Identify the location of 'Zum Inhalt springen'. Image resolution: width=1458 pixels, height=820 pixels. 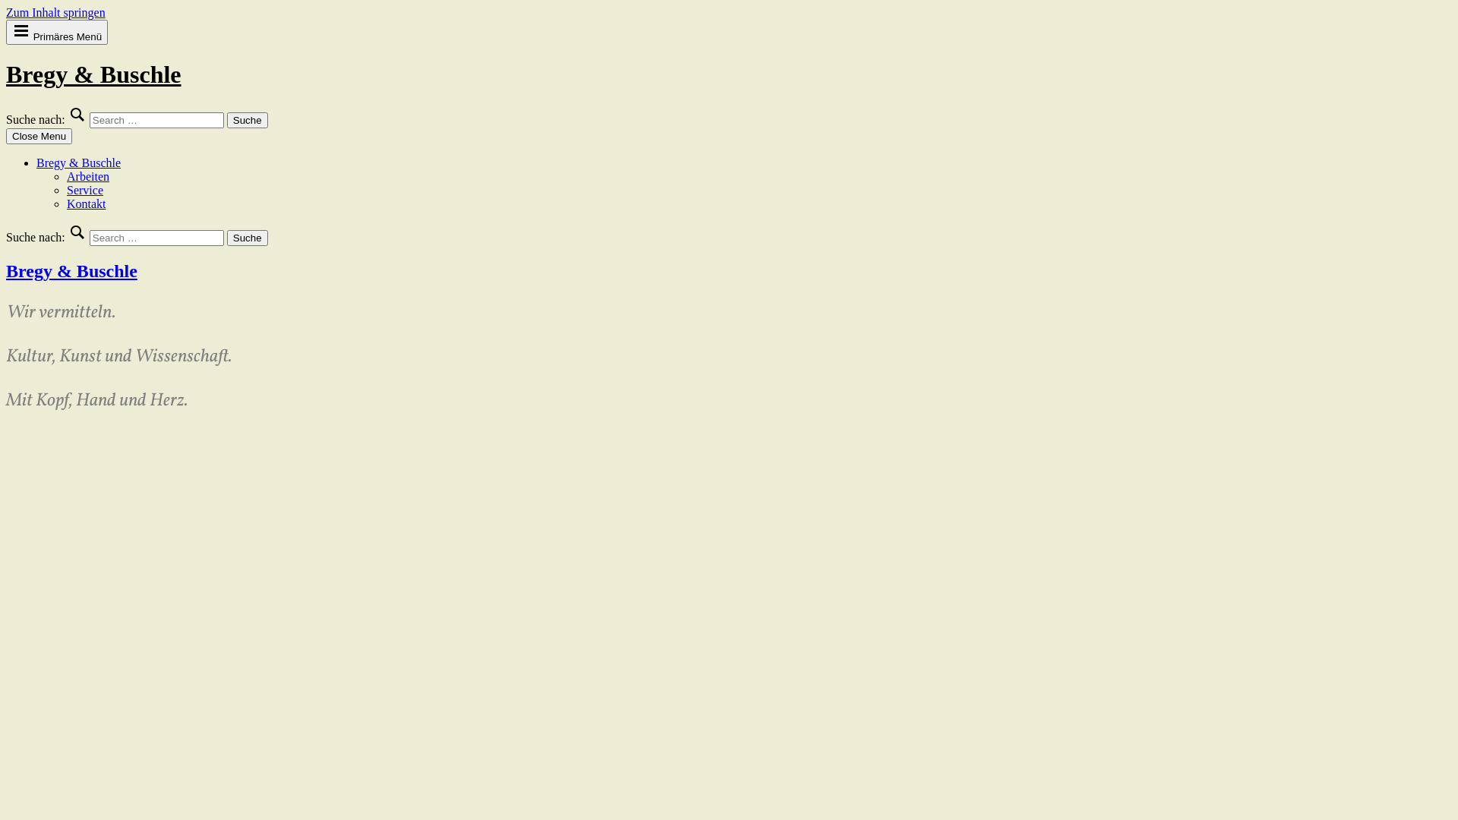
(55, 12).